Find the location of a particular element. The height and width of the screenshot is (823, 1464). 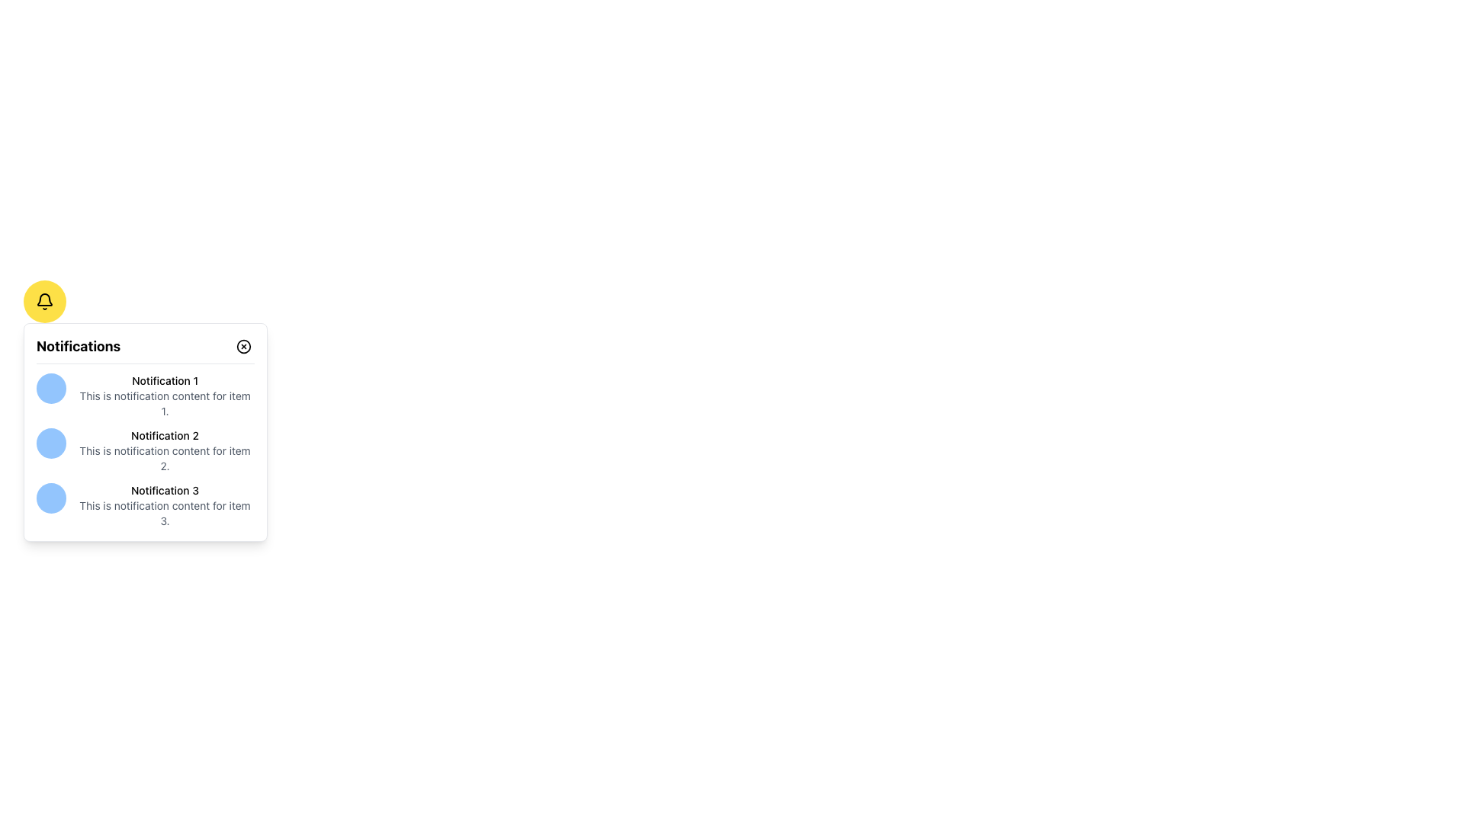

the descriptive text block that provides additional details related to 'Notification 1', located beneath the title within the first notification item of the notification panel is located at coordinates (165, 402).